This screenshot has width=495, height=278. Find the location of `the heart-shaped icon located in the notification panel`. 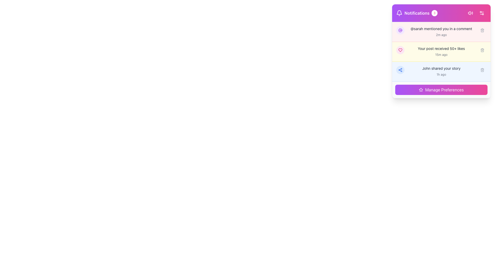

the heart-shaped icon located in the notification panel is located at coordinates (400, 50).